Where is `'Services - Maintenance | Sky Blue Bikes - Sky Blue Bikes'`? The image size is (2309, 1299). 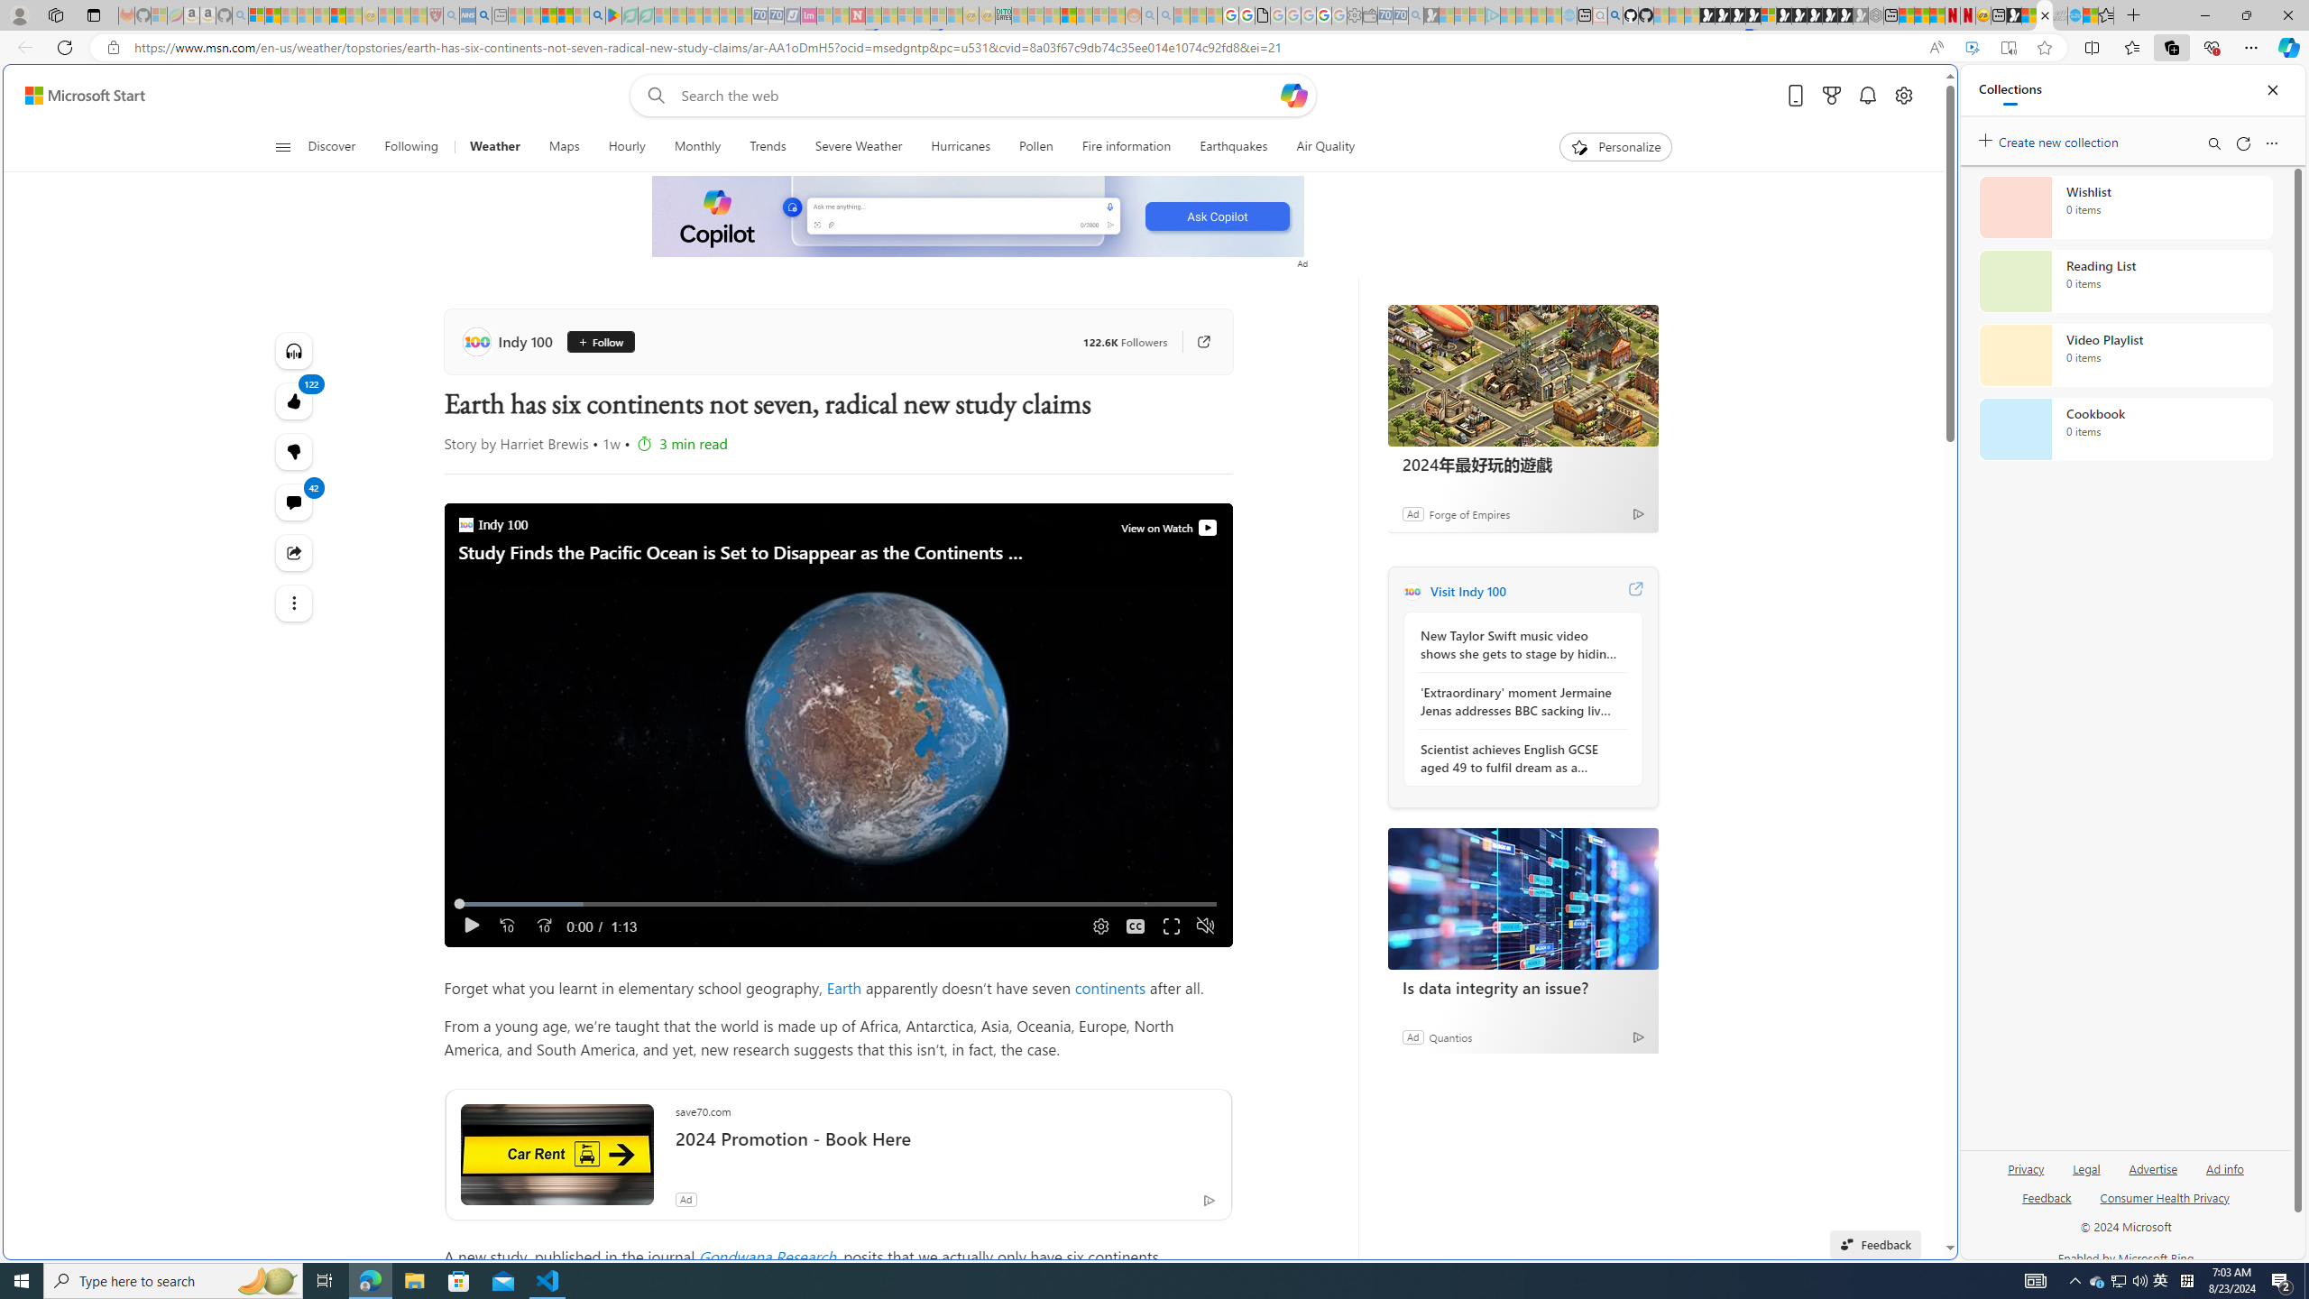 'Services - Maintenance | Sky Blue Bikes - Sky Blue Bikes' is located at coordinates (2074, 14).